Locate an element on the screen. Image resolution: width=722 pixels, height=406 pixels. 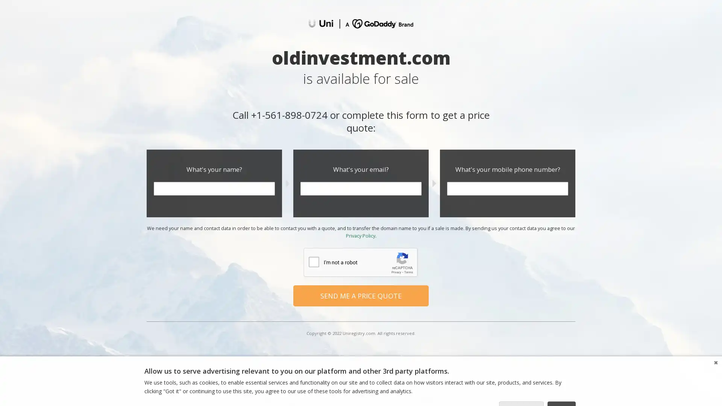
SEND ME A PRICE QUOTE is located at coordinates (361, 295).